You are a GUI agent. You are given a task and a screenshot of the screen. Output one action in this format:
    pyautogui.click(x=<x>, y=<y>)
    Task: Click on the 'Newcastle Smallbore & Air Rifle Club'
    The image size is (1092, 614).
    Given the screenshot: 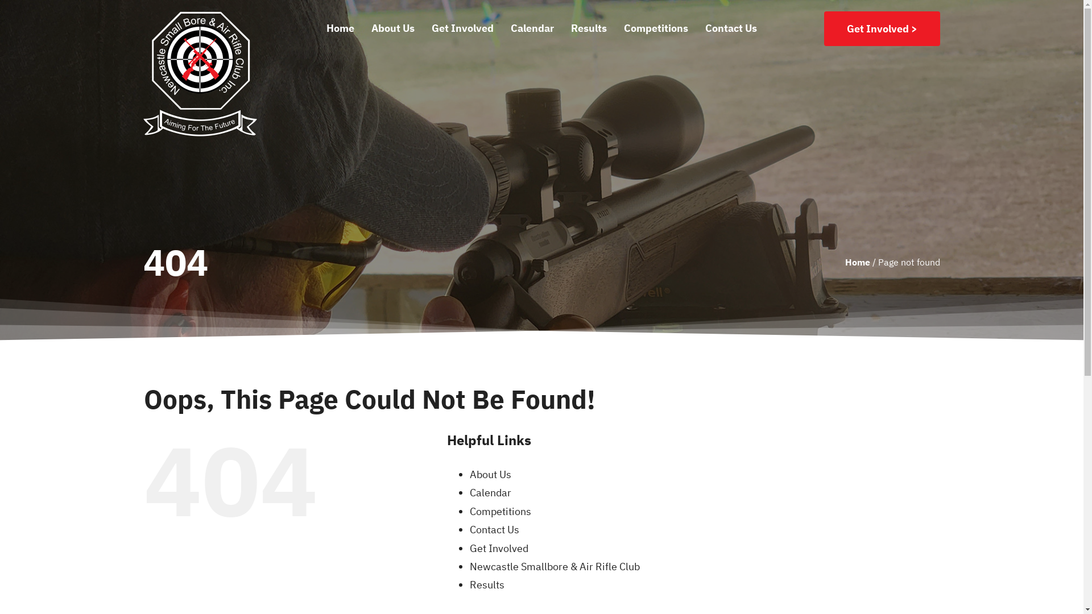 What is the action you would take?
    pyautogui.click(x=555, y=566)
    